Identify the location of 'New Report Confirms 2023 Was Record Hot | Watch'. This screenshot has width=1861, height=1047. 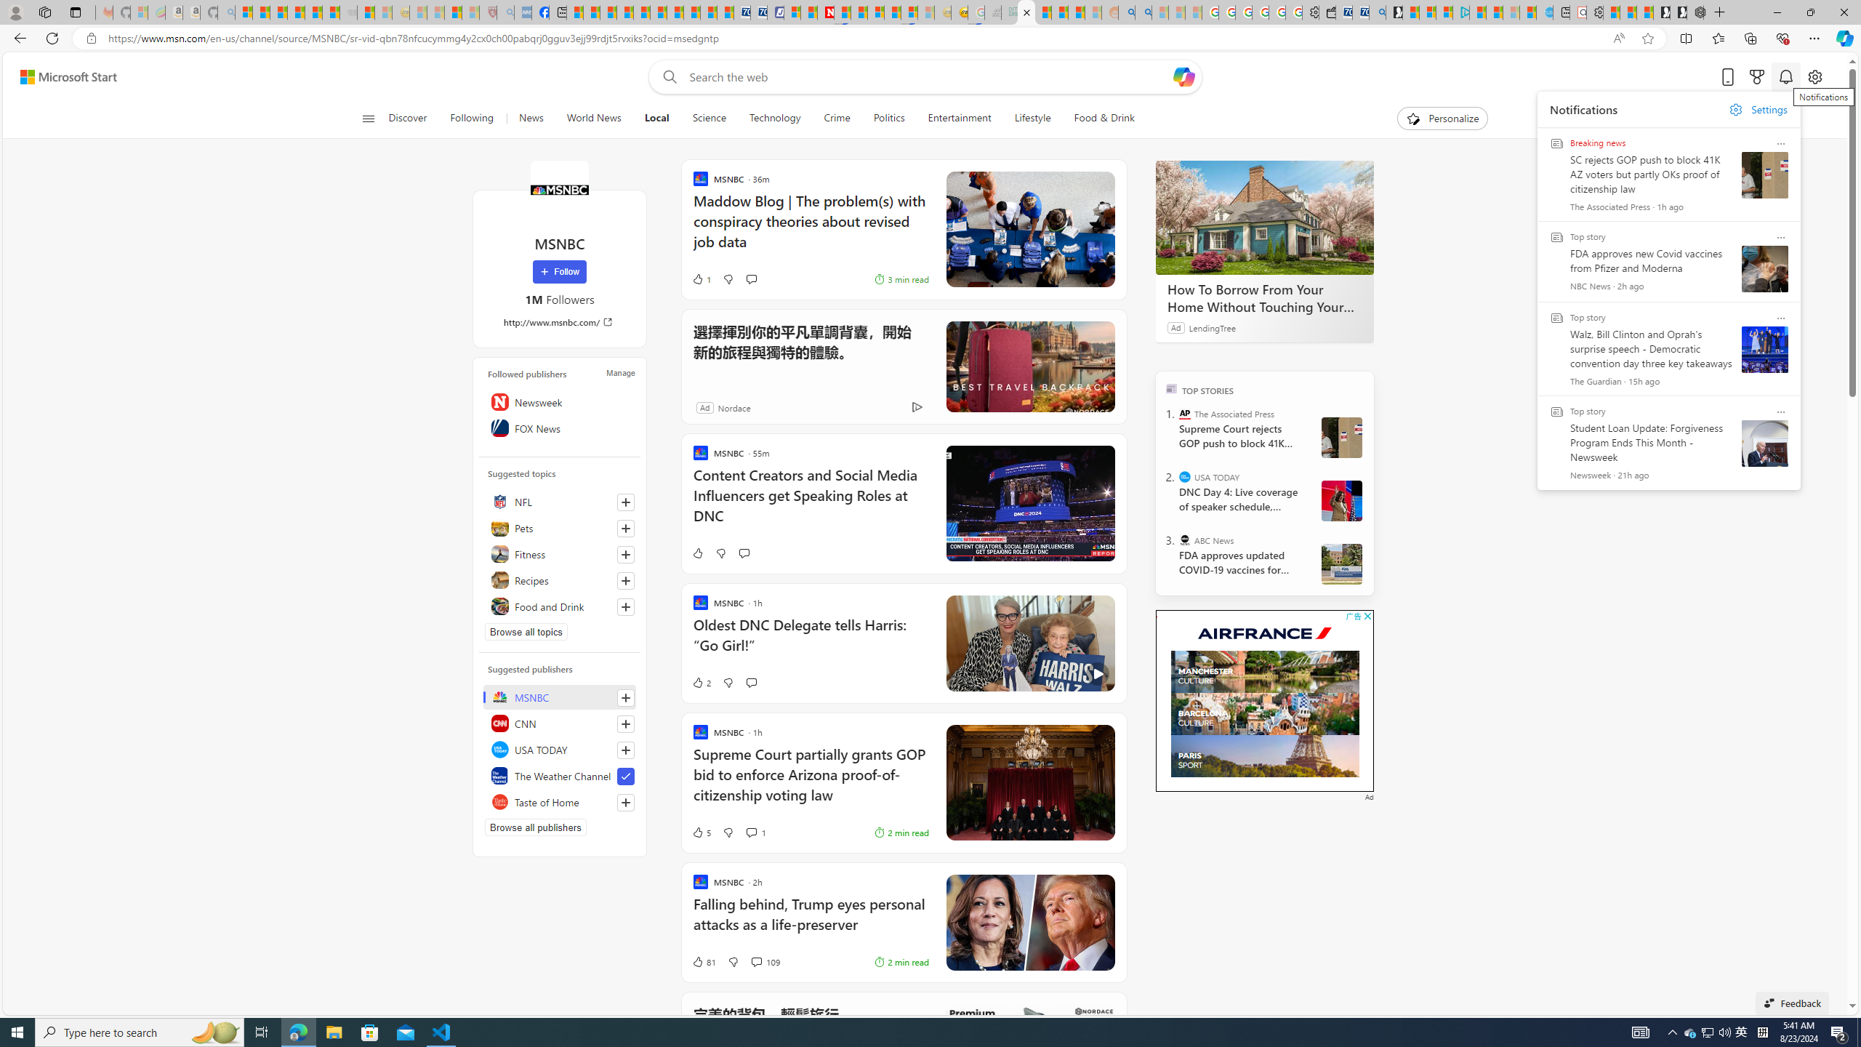
(314, 12).